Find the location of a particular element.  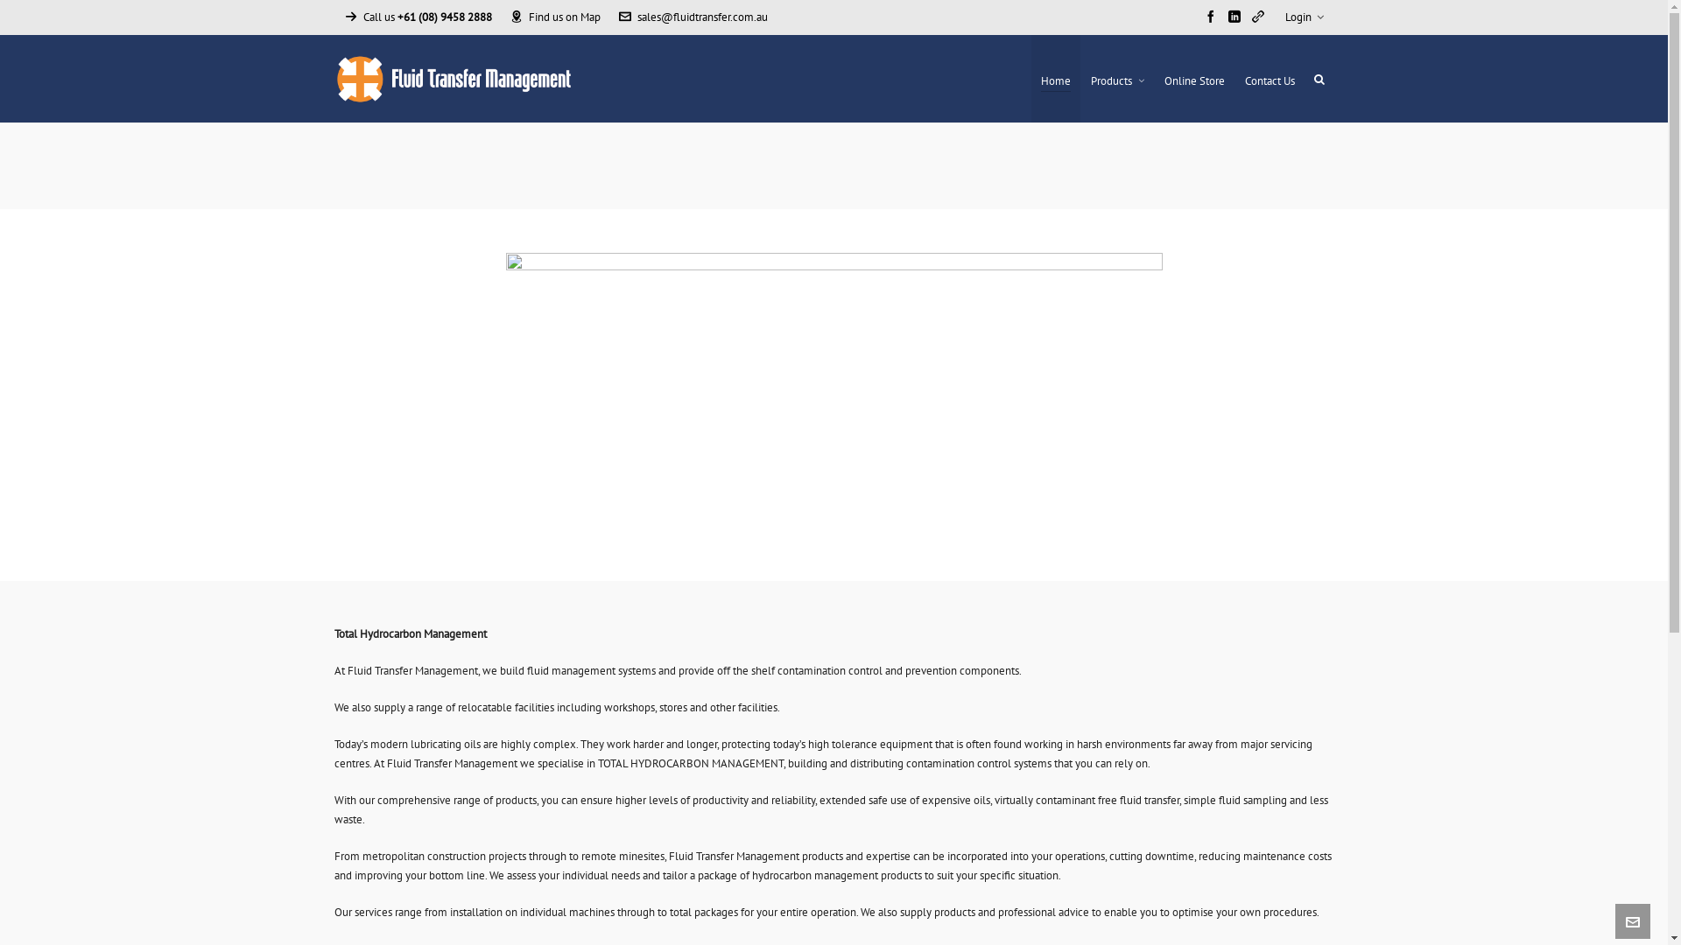

'Contact Us' is located at coordinates (1269, 77).